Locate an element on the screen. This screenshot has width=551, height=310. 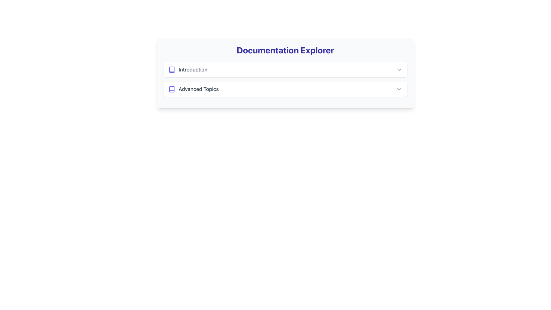
the book icon representing the 'Introduction' option in the 'Documentation Explorer' list is located at coordinates (171, 69).